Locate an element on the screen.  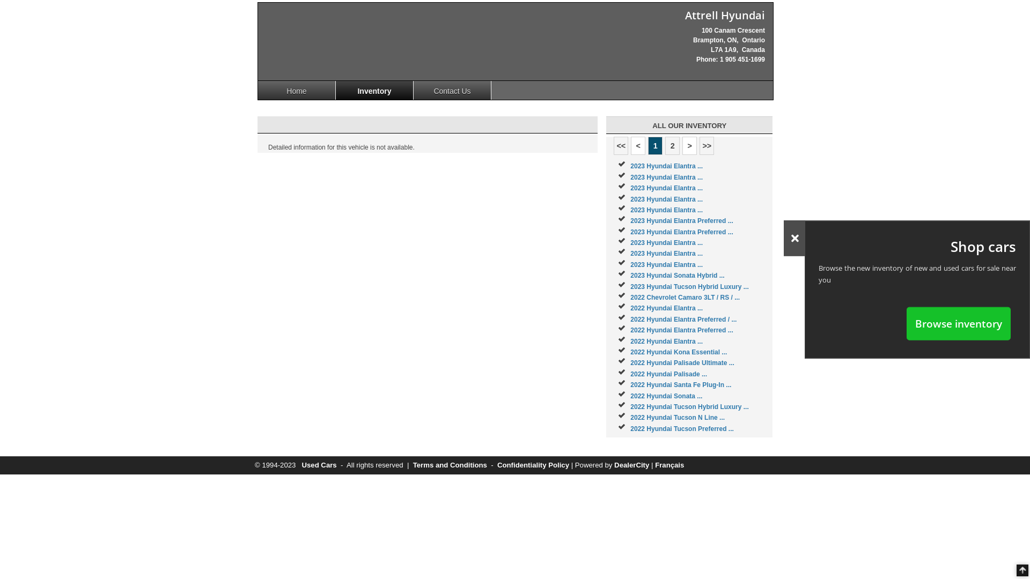
'Confidentiality Policy' is located at coordinates (533, 464).